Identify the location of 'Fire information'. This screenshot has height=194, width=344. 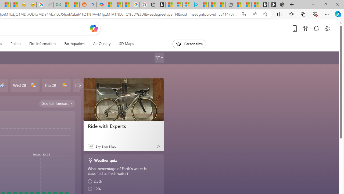
(42, 44).